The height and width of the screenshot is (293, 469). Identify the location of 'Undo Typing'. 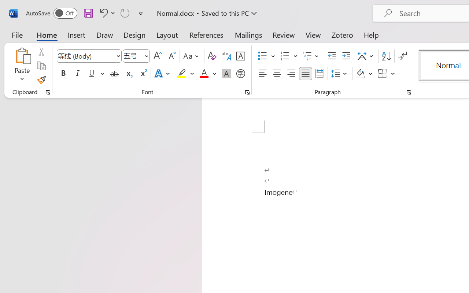
(106, 12).